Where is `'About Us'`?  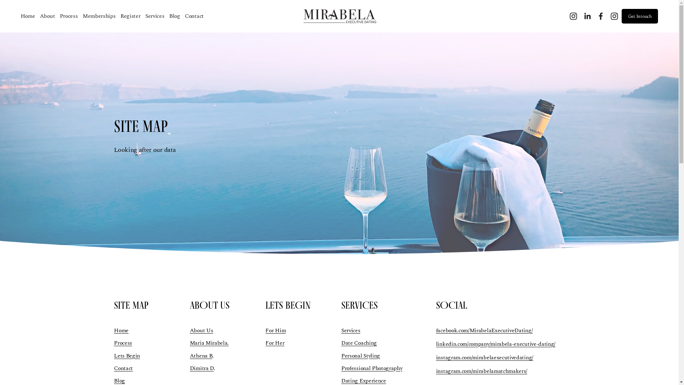 'About Us' is located at coordinates (201, 330).